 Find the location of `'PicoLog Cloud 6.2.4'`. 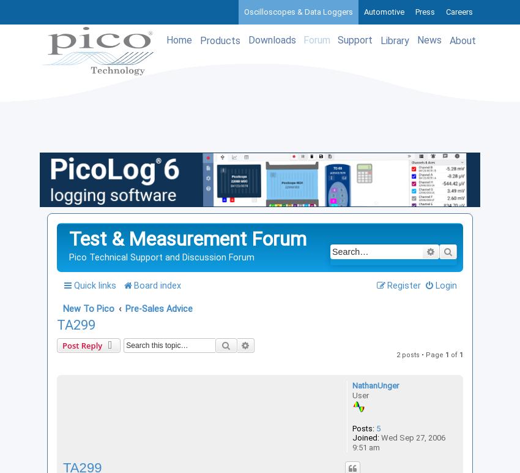

'PicoLog Cloud 6.2.4' is located at coordinates (96, 219).